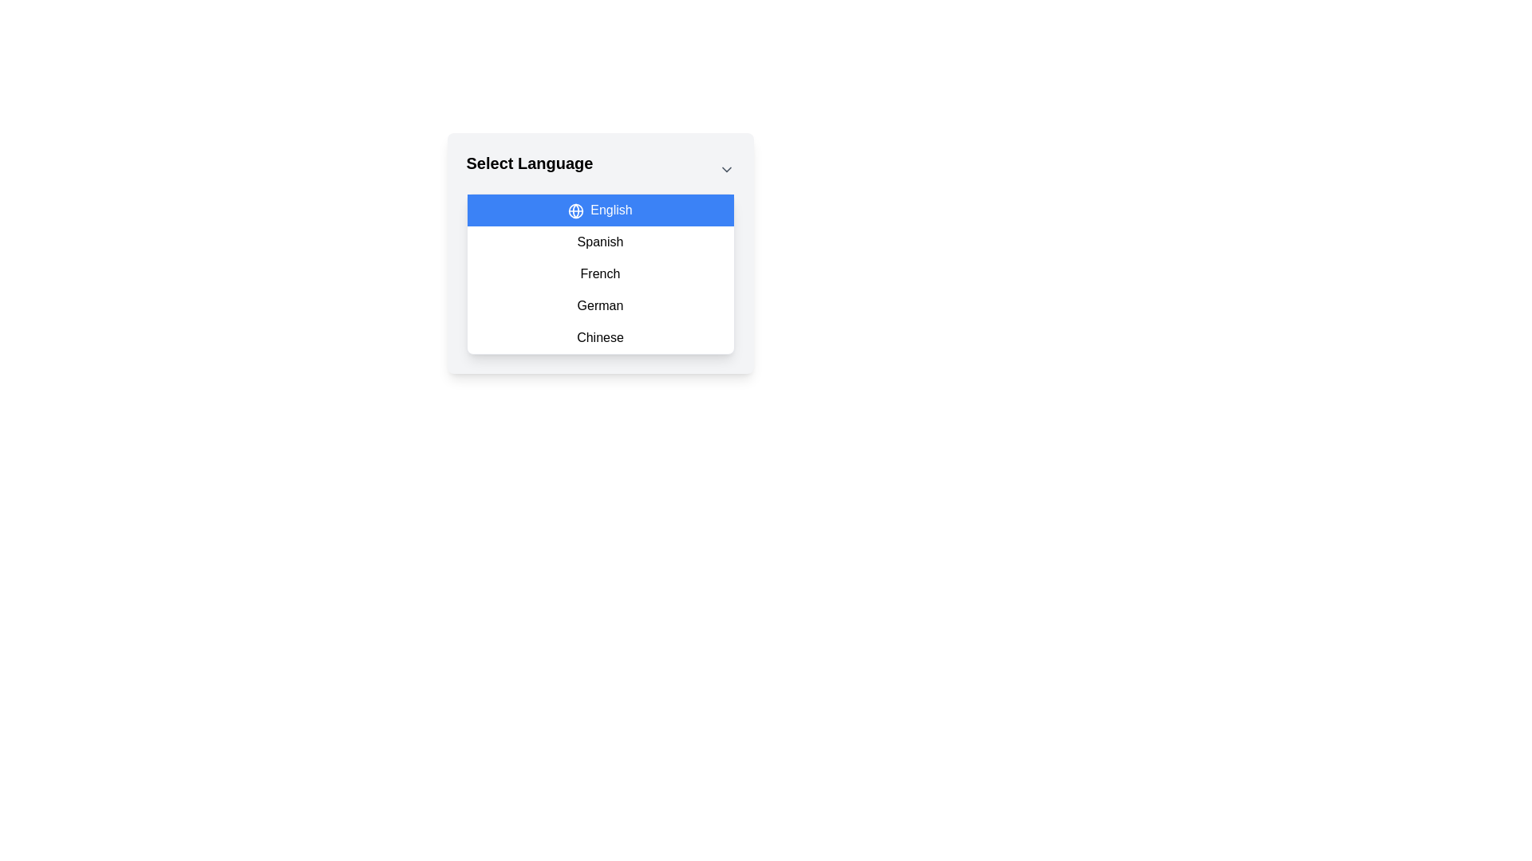 This screenshot has width=1532, height=861. I want to click on to select the 'French' language option from the dropdown menu, which is the third item listed, so click(599, 273).